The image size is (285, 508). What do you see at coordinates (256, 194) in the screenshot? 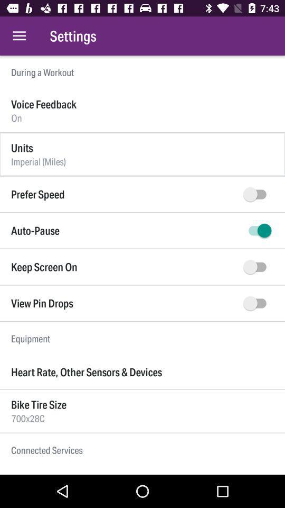
I see `turn on prefer speed` at bounding box center [256, 194].